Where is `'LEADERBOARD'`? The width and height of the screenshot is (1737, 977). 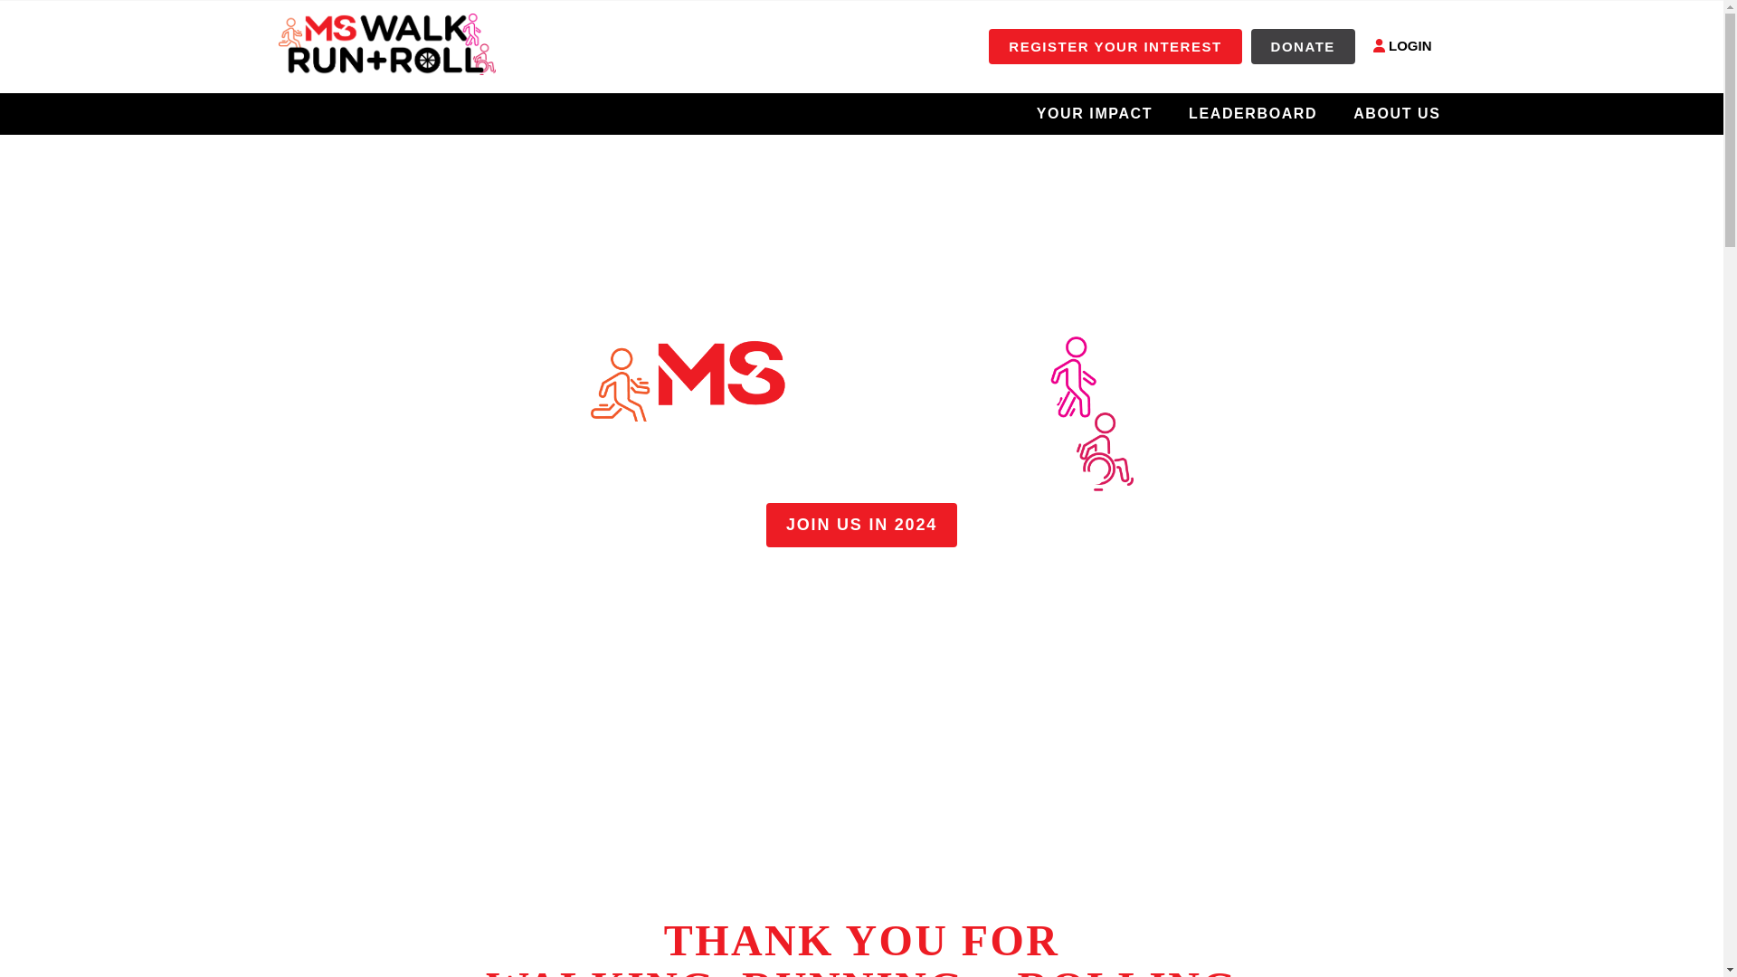
'LEADERBOARD' is located at coordinates (1252, 112).